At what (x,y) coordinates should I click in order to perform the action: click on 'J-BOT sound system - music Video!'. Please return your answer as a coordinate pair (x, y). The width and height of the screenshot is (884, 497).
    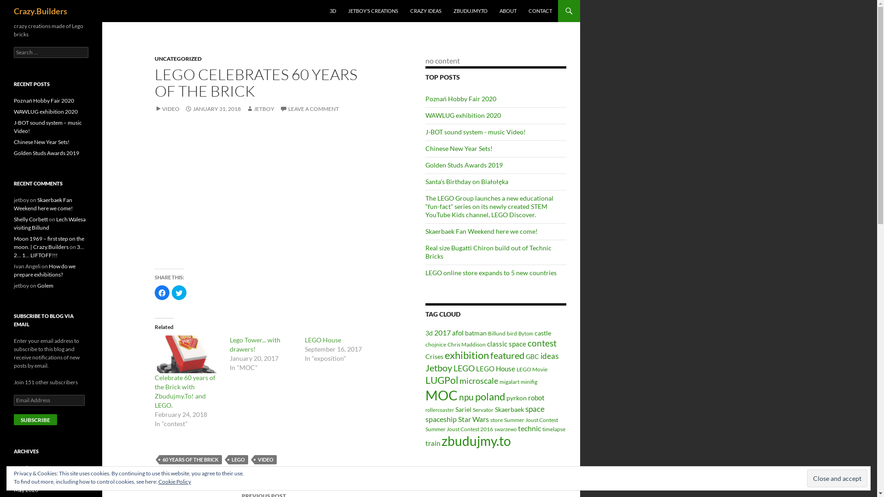
    Looking at the image, I should click on (475, 132).